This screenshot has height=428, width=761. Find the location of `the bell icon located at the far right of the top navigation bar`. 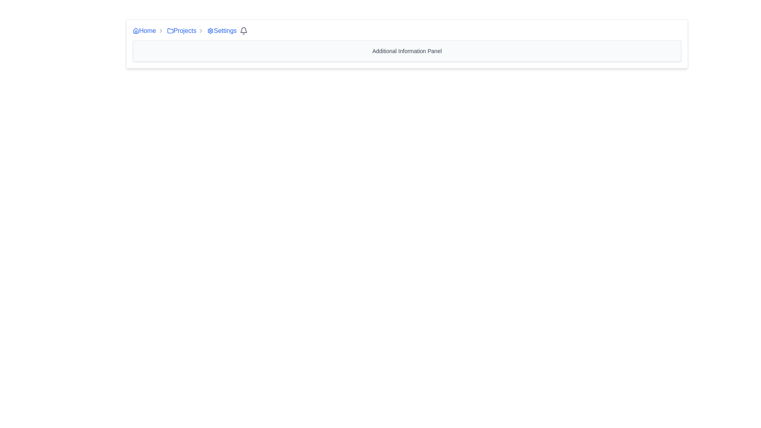

the bell icon located at the far right of the top navigation bar is located at coordinates (243, 30).